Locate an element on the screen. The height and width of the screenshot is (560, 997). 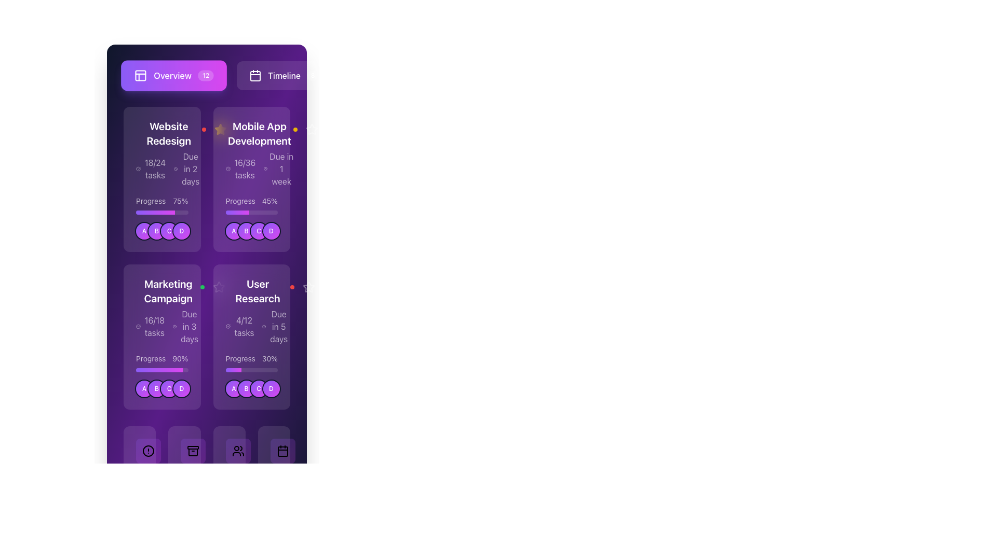
the grouped avatar icons representing members of the 'Marketing Campaign' project located at the bottom of the card adjacent to the progress bar is located at coordinates (162, 388).